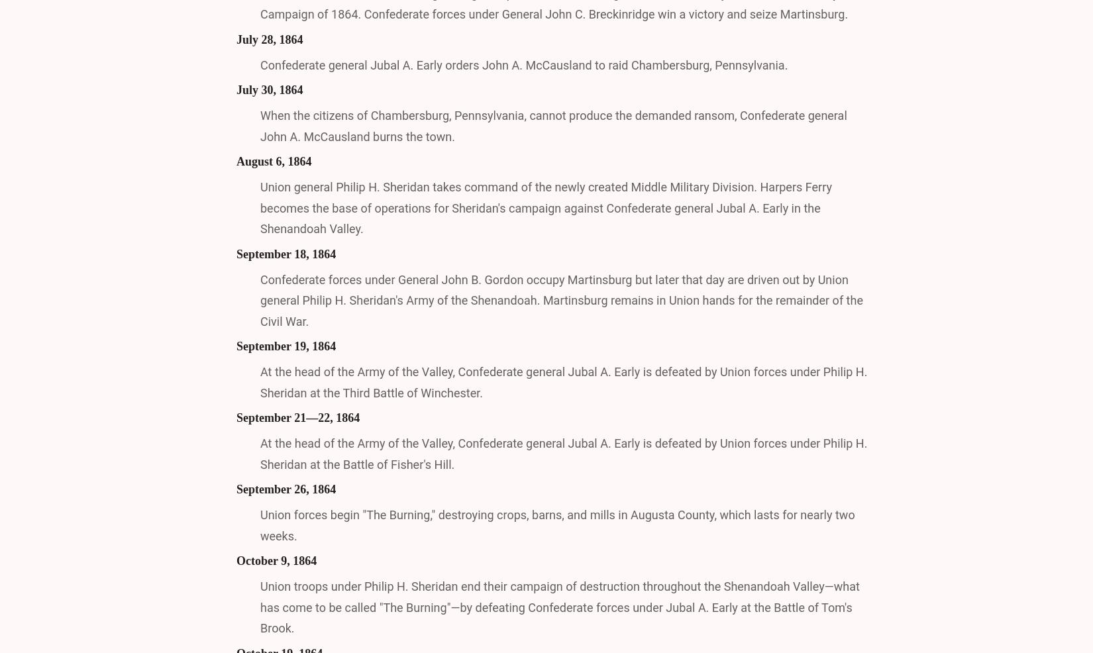 The image size is (1093, 653). What do you see at coordinates (270, 89) in the screenshot?
I see `'July 30, 1864'` at bounding box center [270, 89].